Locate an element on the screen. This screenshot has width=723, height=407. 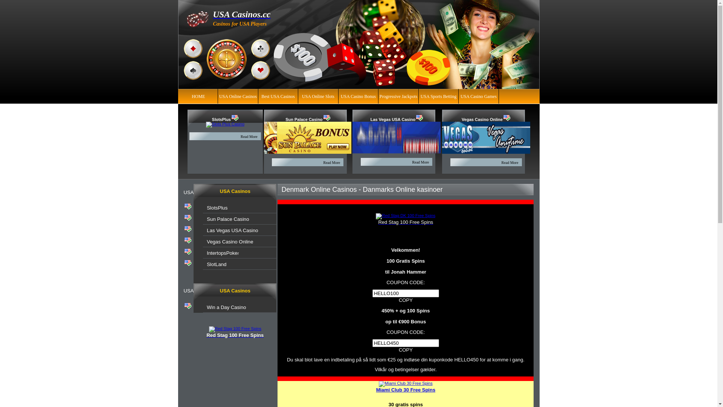
'Las Vegas USA Casino' is located at coordinates (392, 119).